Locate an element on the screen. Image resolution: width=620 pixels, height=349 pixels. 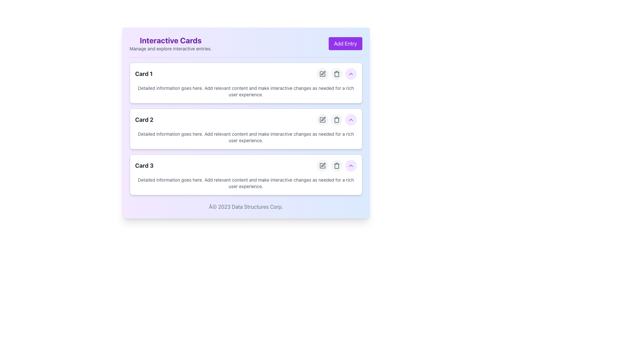
the upward action button located at the far right of 'Card 2' is located at coordinates (350, 120).